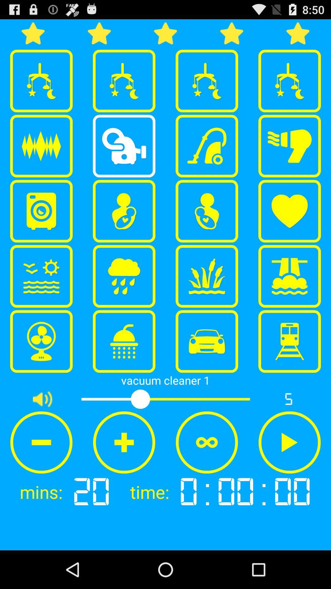 The width and height of the screenshot is (331, 589). Describe the element at coordinates (41, 442) in the screenshot. I see `icon above the mins:` at that location.